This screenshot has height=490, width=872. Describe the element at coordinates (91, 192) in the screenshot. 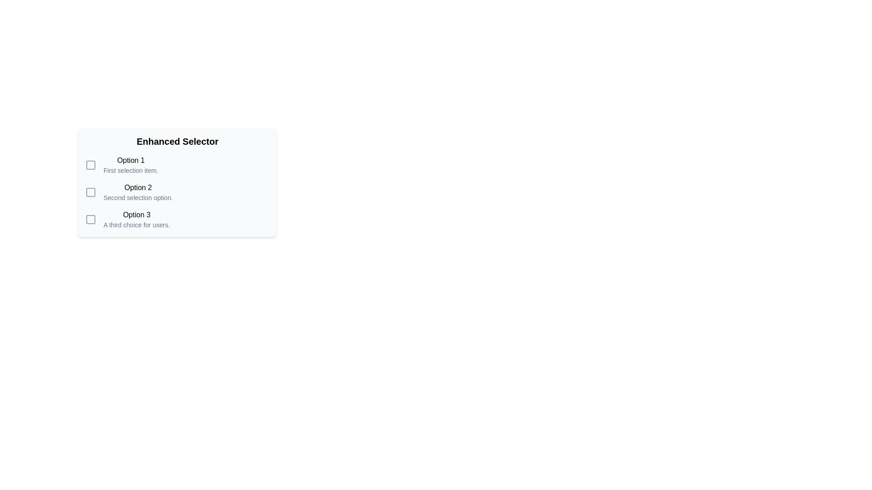

I see `the second checkbox indicator in the 'Enhanced Selector' card` at that location.